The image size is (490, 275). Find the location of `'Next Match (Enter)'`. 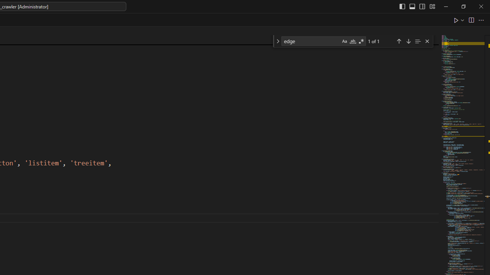

'Next Match (Enter)' is located at coordinates (408, 41).